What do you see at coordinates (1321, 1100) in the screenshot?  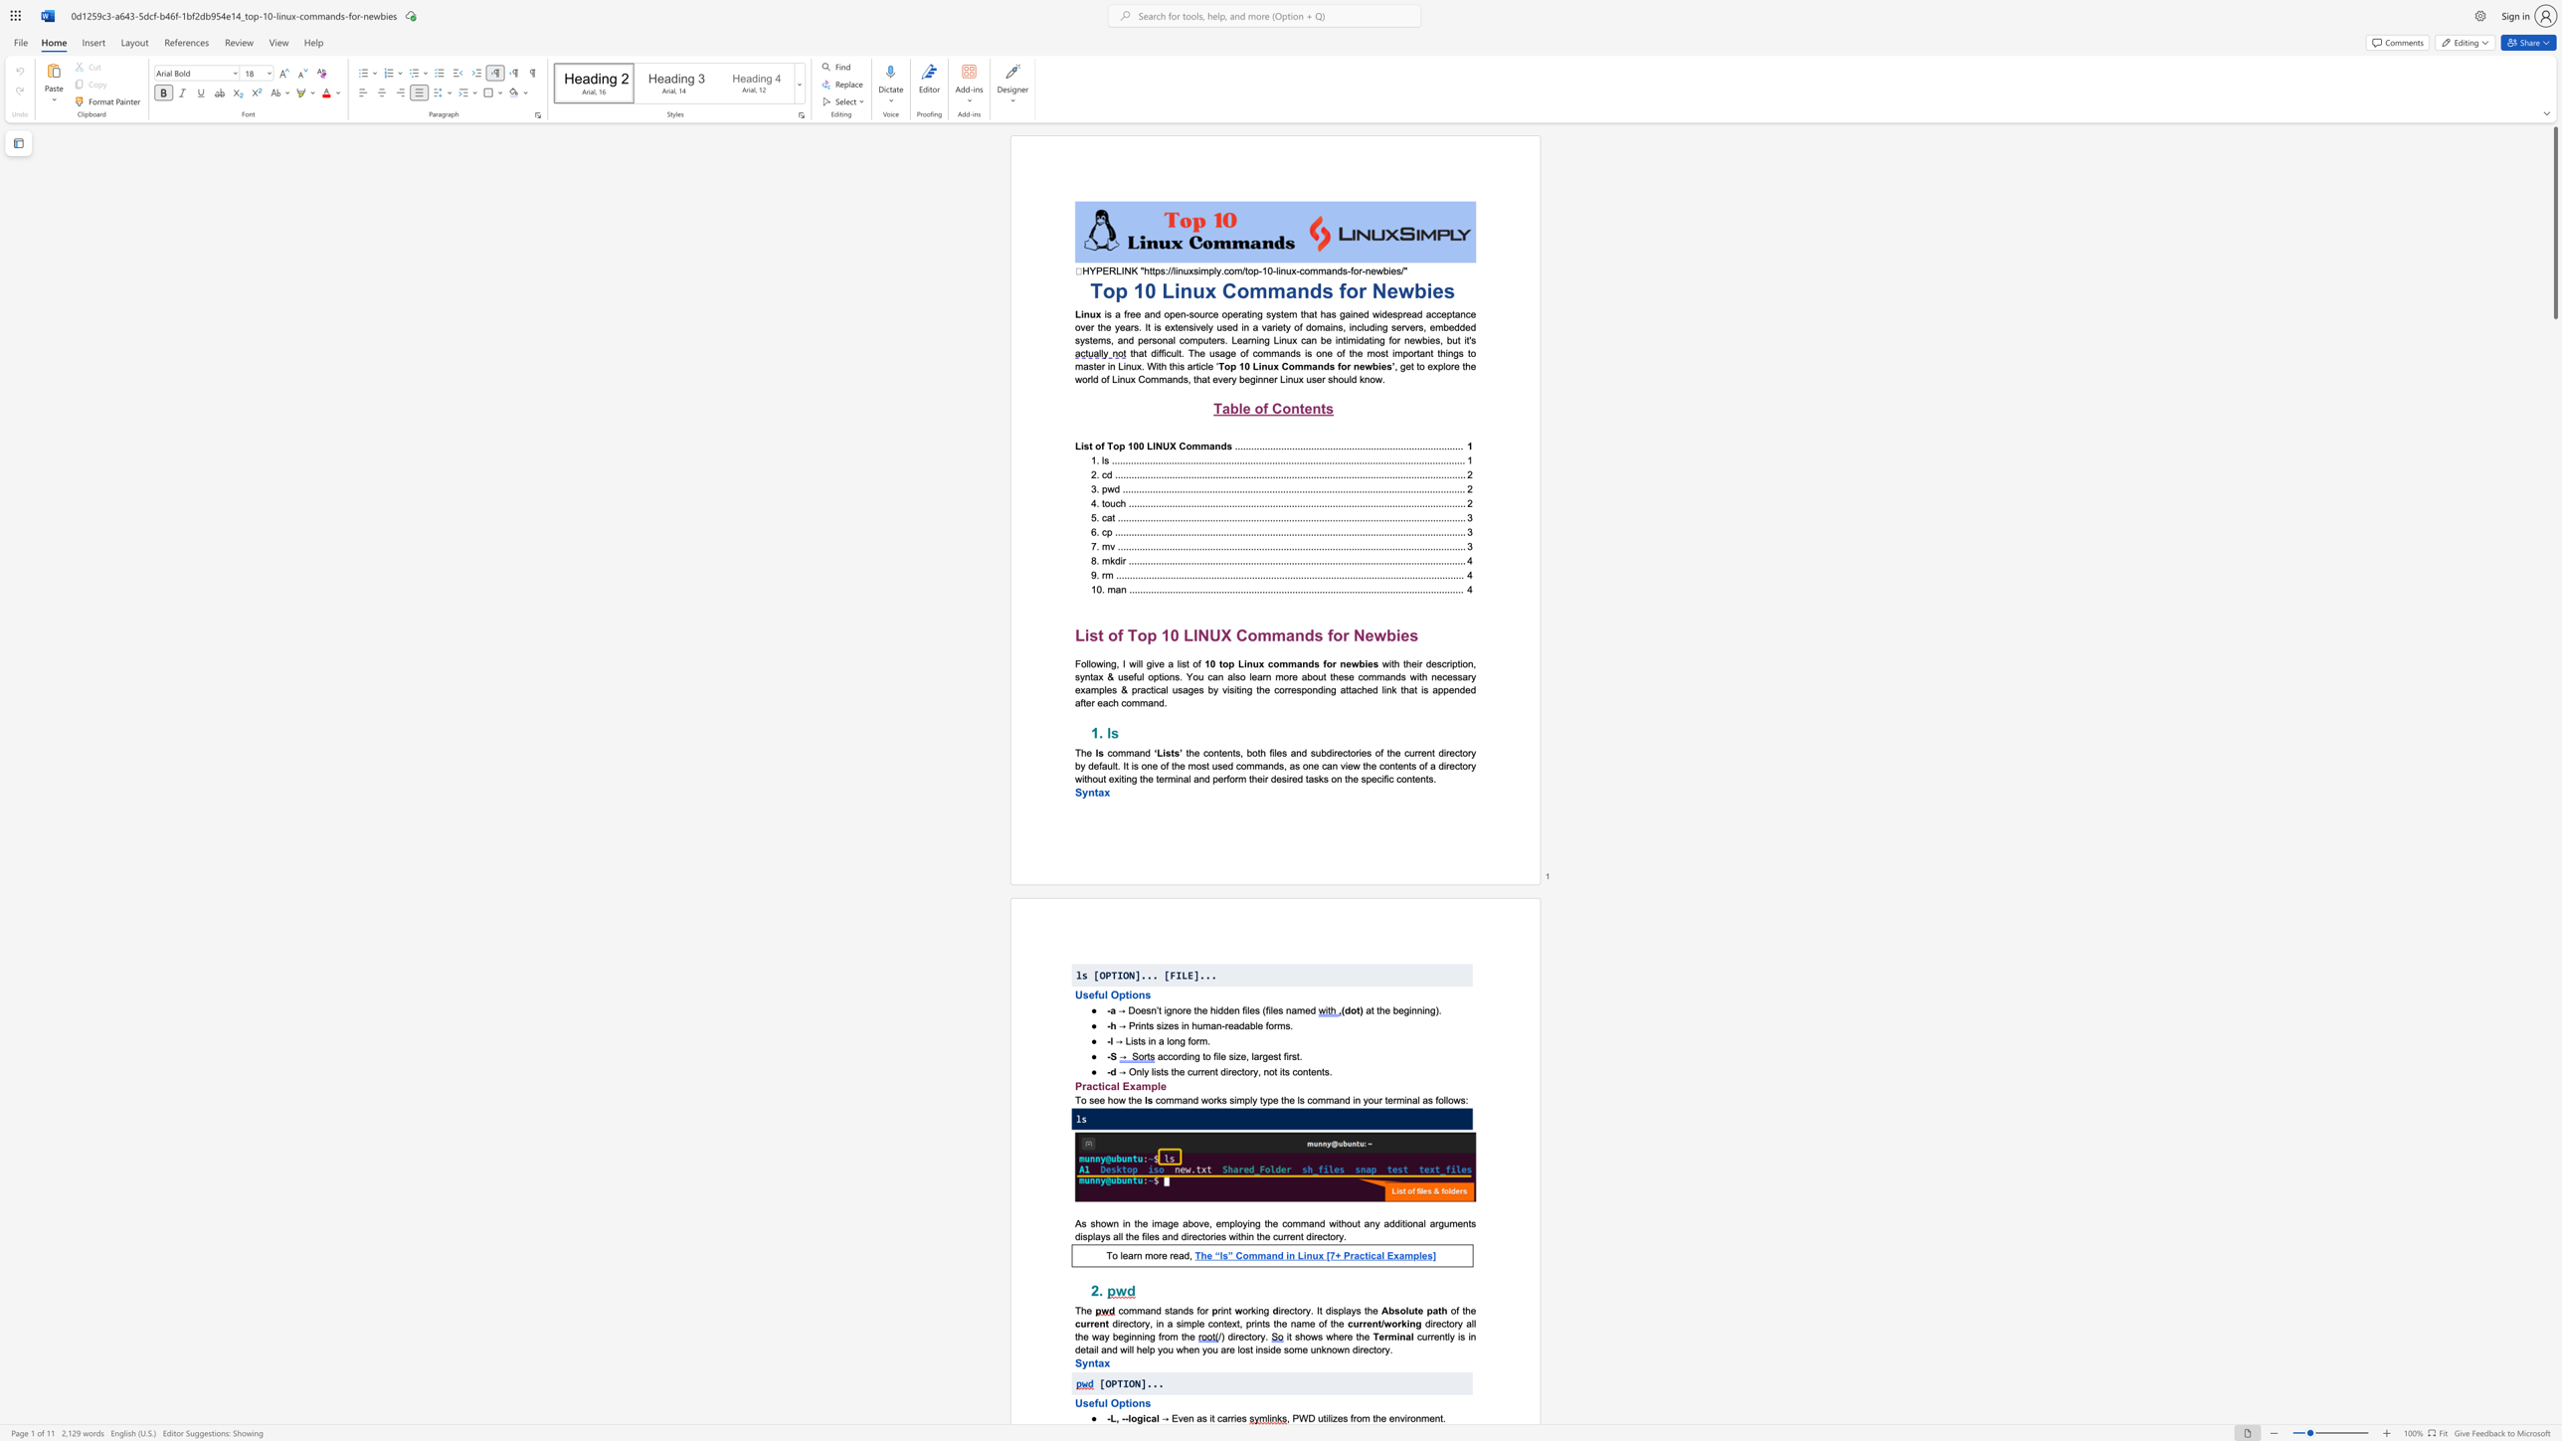 I see `the 4th character "m" in the text` at bounding box center [1321, 1100].